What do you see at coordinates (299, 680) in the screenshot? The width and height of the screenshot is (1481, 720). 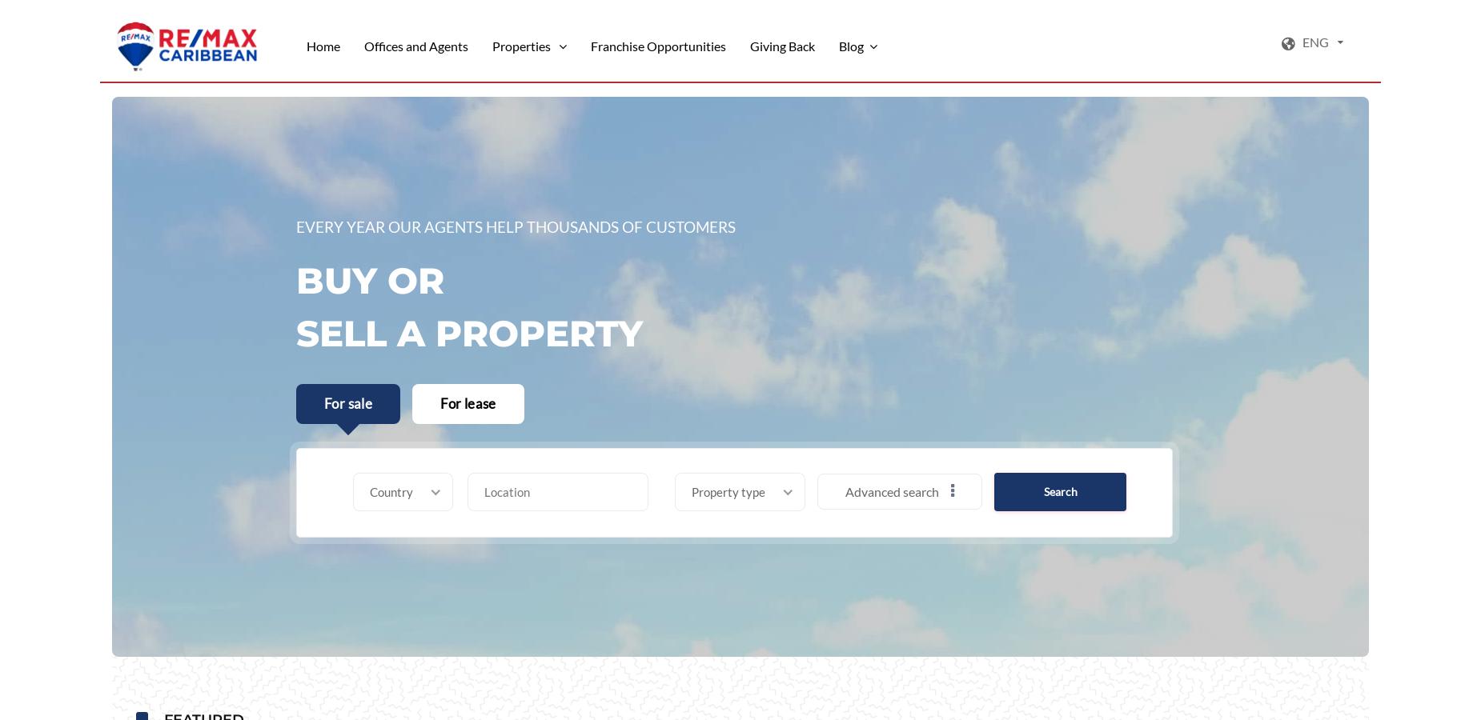 I see `'Lot size (Sq. Ft.)'` at bounding box center [299, 680].